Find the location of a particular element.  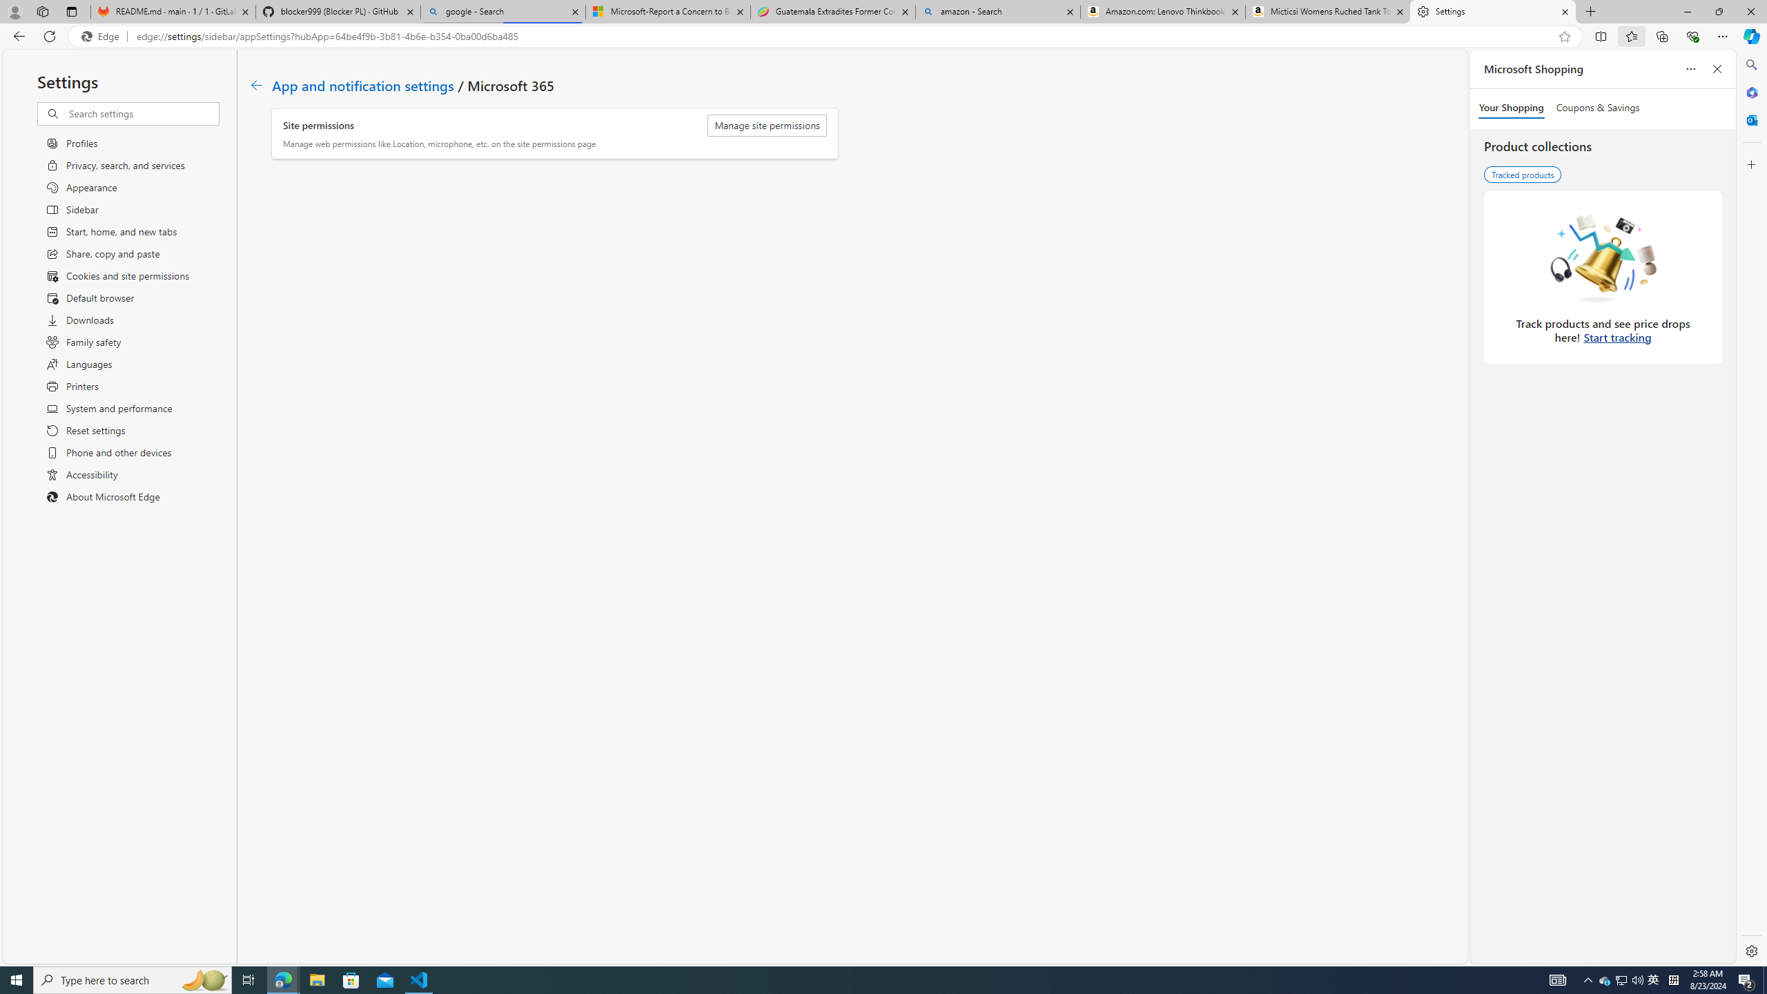

'App and notification settings' is located at coordinates (362, 84).